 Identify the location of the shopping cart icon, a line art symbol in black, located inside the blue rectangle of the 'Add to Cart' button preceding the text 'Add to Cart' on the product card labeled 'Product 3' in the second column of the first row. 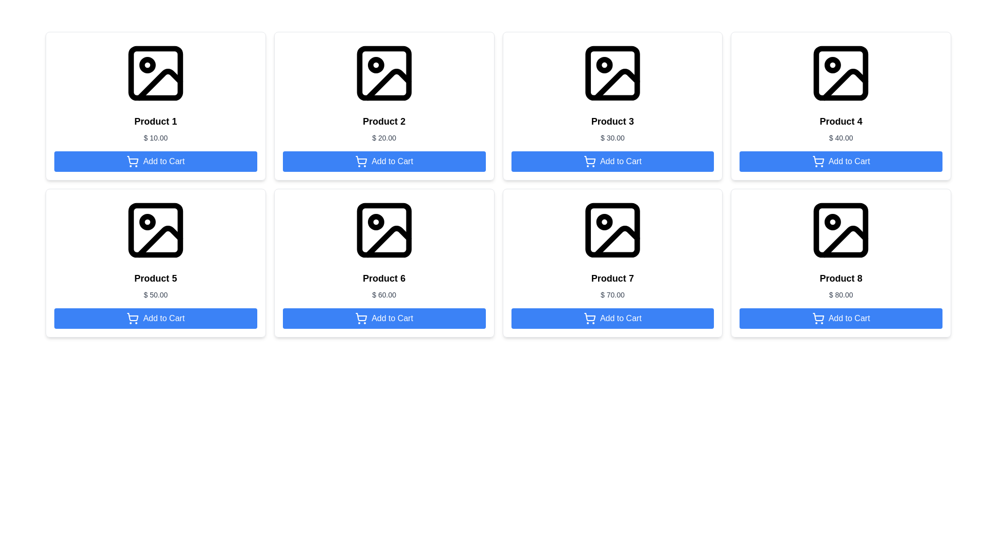
(589, 162).